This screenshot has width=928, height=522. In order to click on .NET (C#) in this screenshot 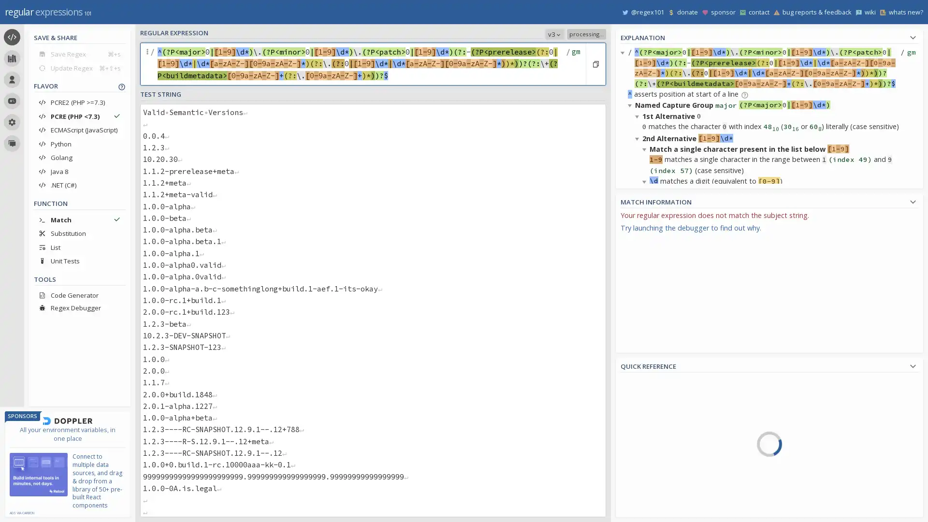, I will do `click(79, 185)`.